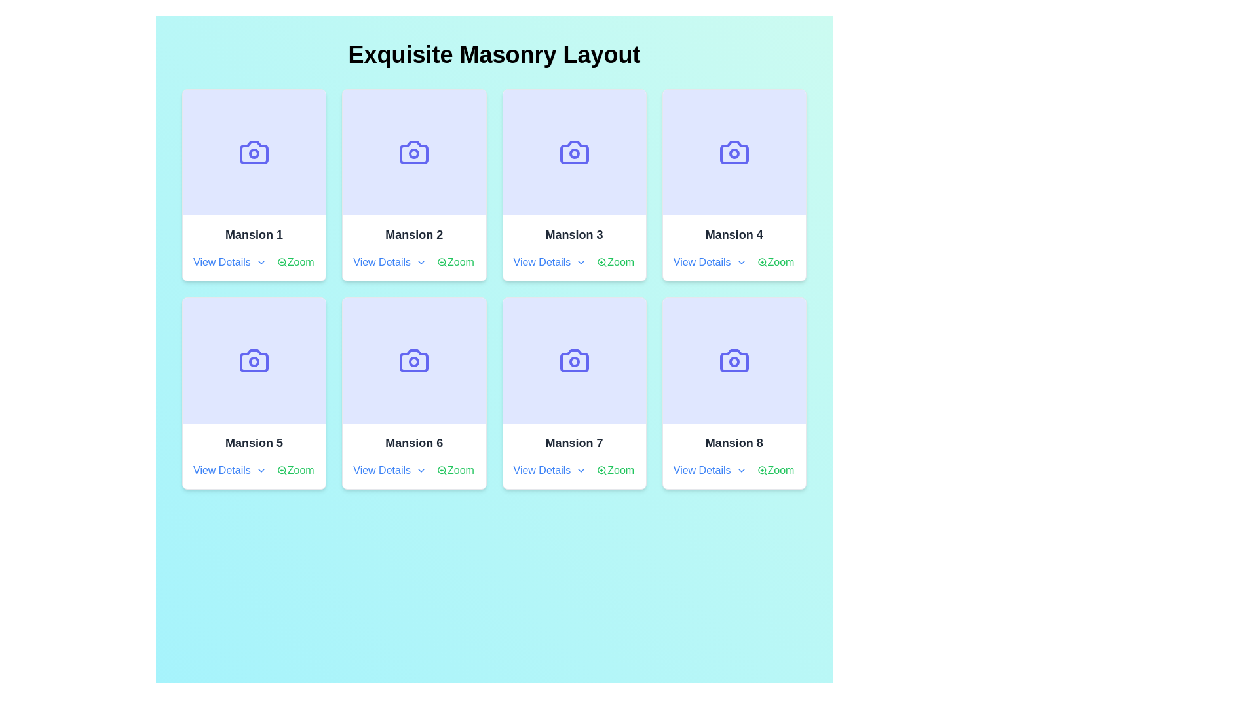  What do you see at coordinates (775, 469) in the screenshot?
I see `the interactive link with an icon located in the bottom-right corner of the last card (Mansion 8)` at bounding box center [775, 469].